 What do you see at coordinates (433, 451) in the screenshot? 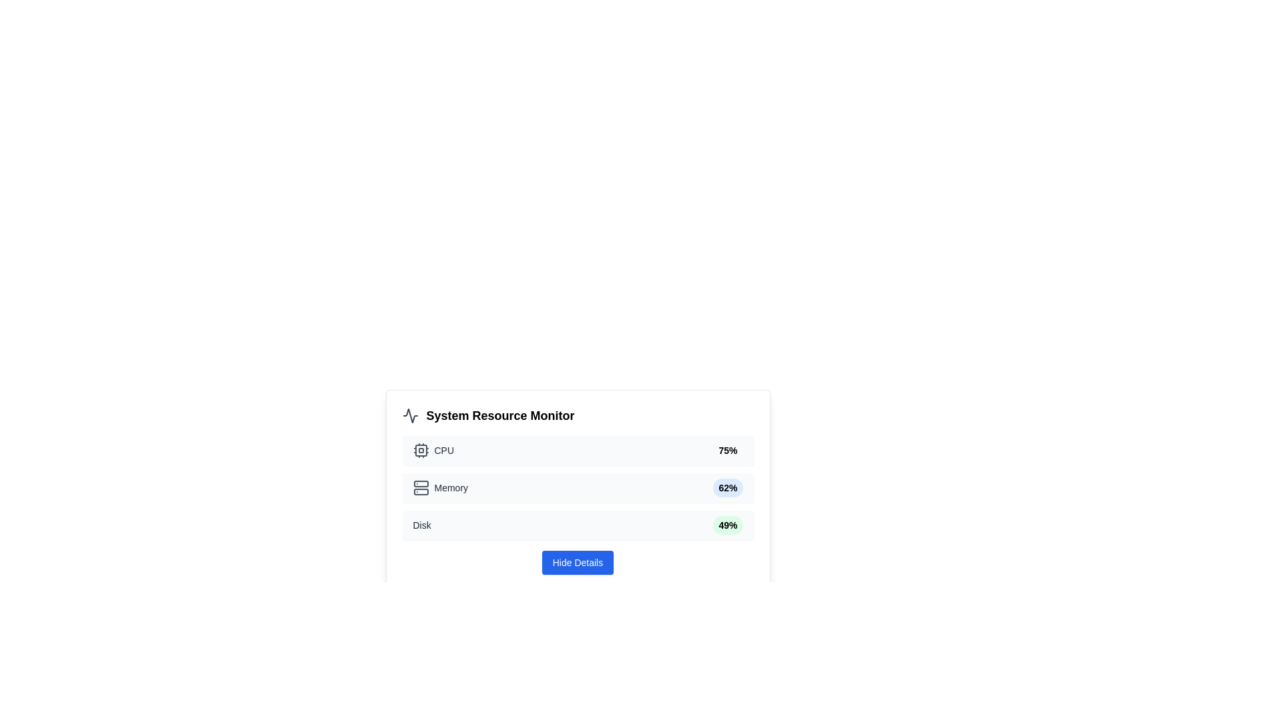
I see `the 'CPU' label and computer chip icon combination, which is styled in gray with black text and is located at the top of the system resource usage statistics list` at bounding box center [433, 451].